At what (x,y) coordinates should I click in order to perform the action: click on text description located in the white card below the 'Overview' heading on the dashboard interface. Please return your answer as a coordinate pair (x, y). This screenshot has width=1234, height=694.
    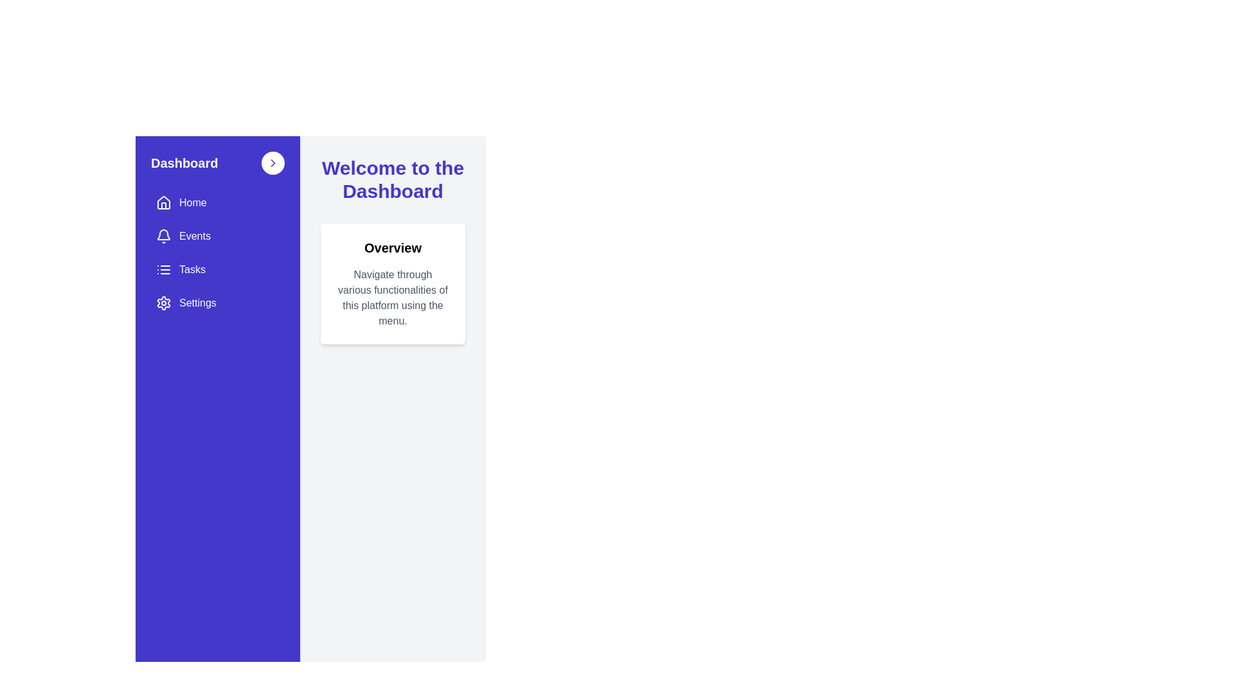
    Looking at the image, I should click on (392, 298).